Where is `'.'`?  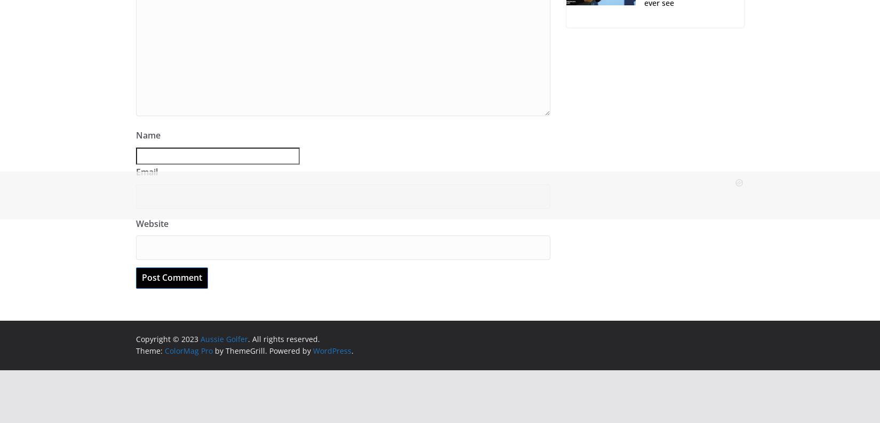 '.' is located at coordinates (351, 350).